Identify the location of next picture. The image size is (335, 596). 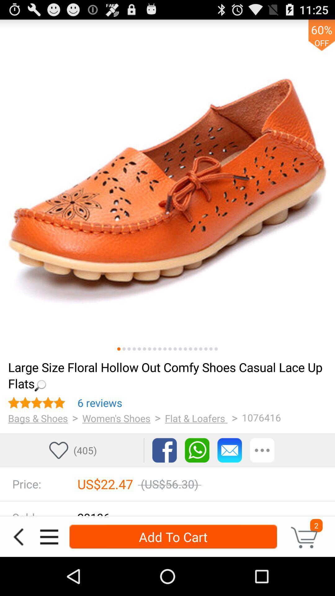
(180, 349).